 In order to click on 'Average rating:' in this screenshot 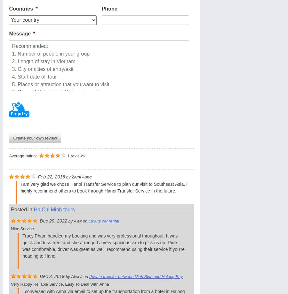, I will do `click(23, 155)`.